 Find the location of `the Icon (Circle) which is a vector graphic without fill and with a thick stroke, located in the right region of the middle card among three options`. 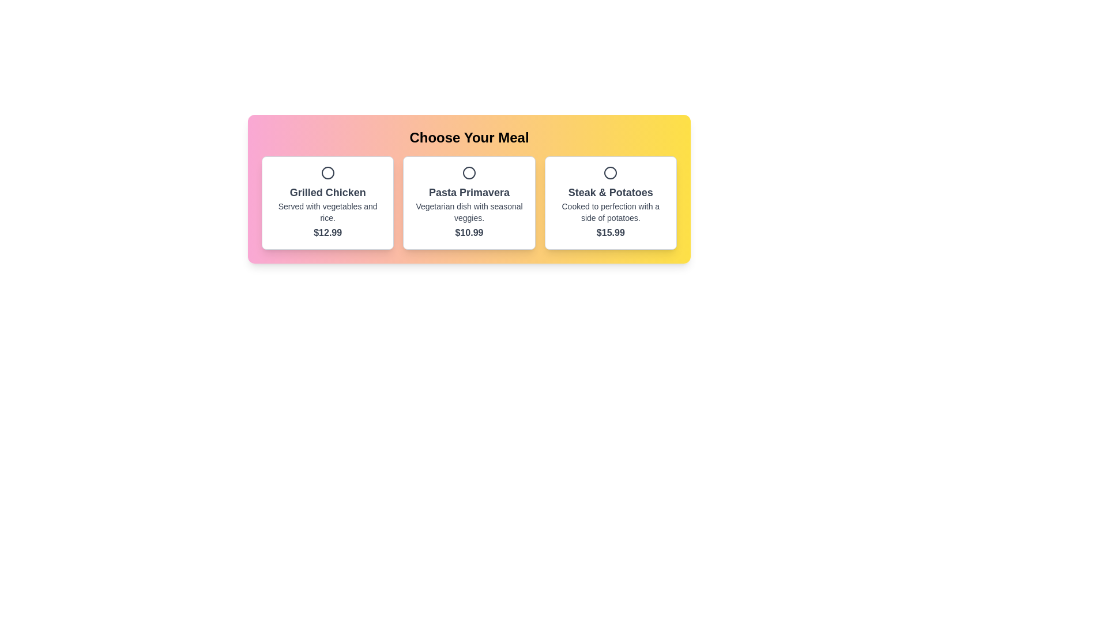

the Icon (Circle) which is a vector graphic without fill and with a thick stroke, located in the right region of the middle card among three options is located at coordinates (469, 173).